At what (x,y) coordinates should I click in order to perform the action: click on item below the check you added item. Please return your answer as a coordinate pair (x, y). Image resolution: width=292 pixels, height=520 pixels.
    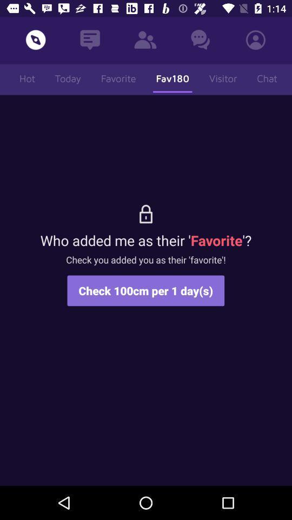
    Looking at the image, I should click on (145, 290).